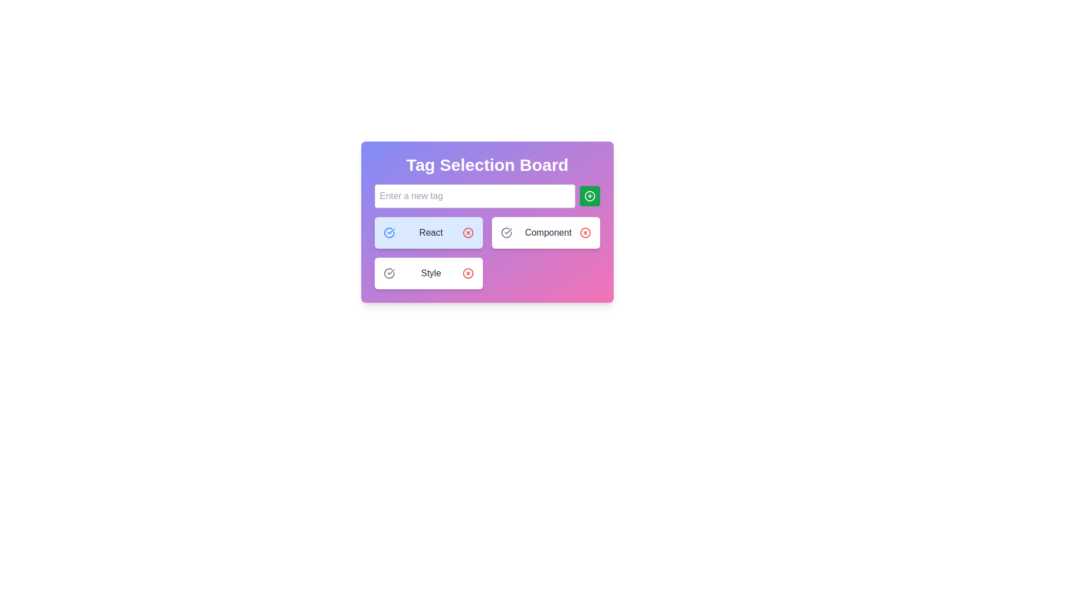  What do you see at coordinates (468, 232) in the screenshot?
I see `the delete or remove icon button located at the far right of the interactive panel labeled 'React'` at bounding box center [468, 232].